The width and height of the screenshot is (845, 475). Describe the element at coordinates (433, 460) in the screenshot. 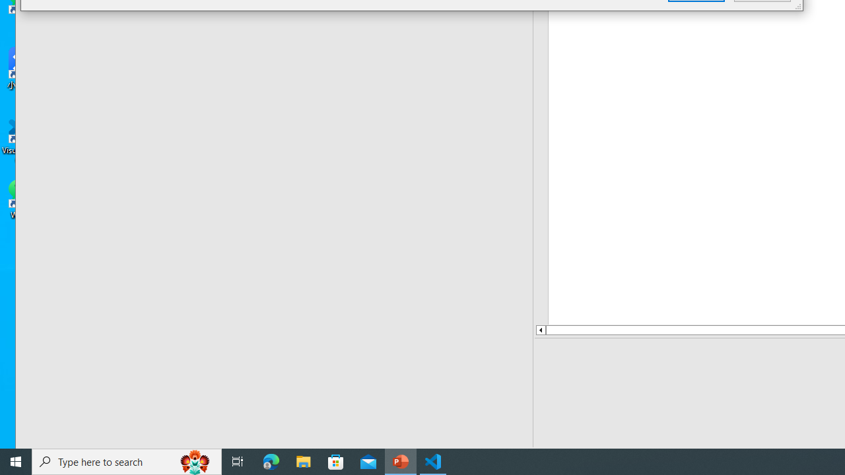

I see `'Visual Studio Code - 1 running window'` at that location.